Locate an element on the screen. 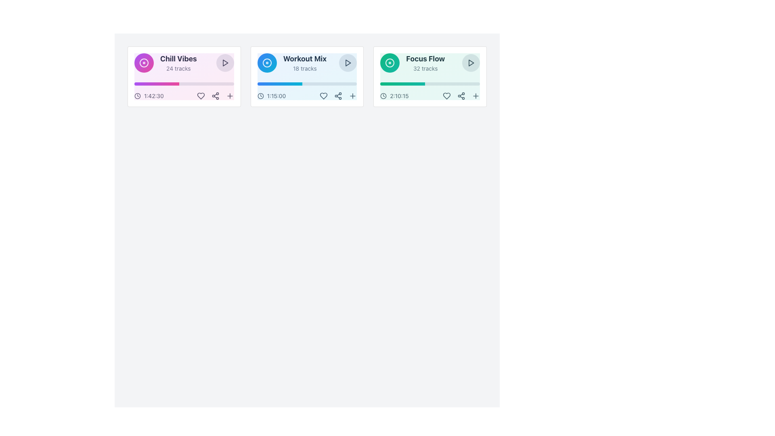 The height and width of the screenshot is (436, 775). the play button located in the upper-right corner of the 'Workout Mix' card is located at coordinates (348, 62).